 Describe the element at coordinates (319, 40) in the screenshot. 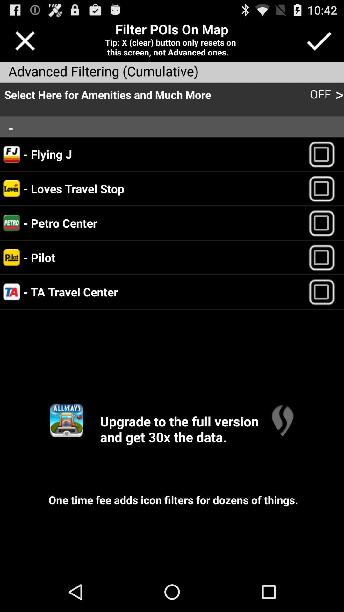

I see `apply filter and proceed` at that location.